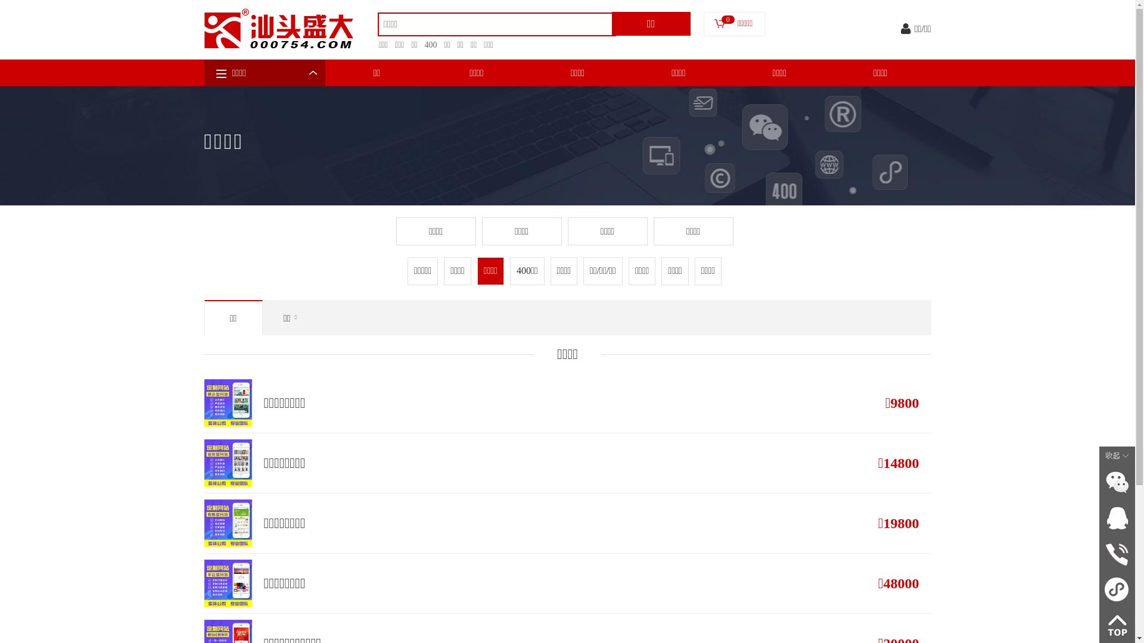 The height and width of the screenshot is (643, 1144). Describe the element at coordinates (417, 45) in the screenshot. I see `'400'` at that location.